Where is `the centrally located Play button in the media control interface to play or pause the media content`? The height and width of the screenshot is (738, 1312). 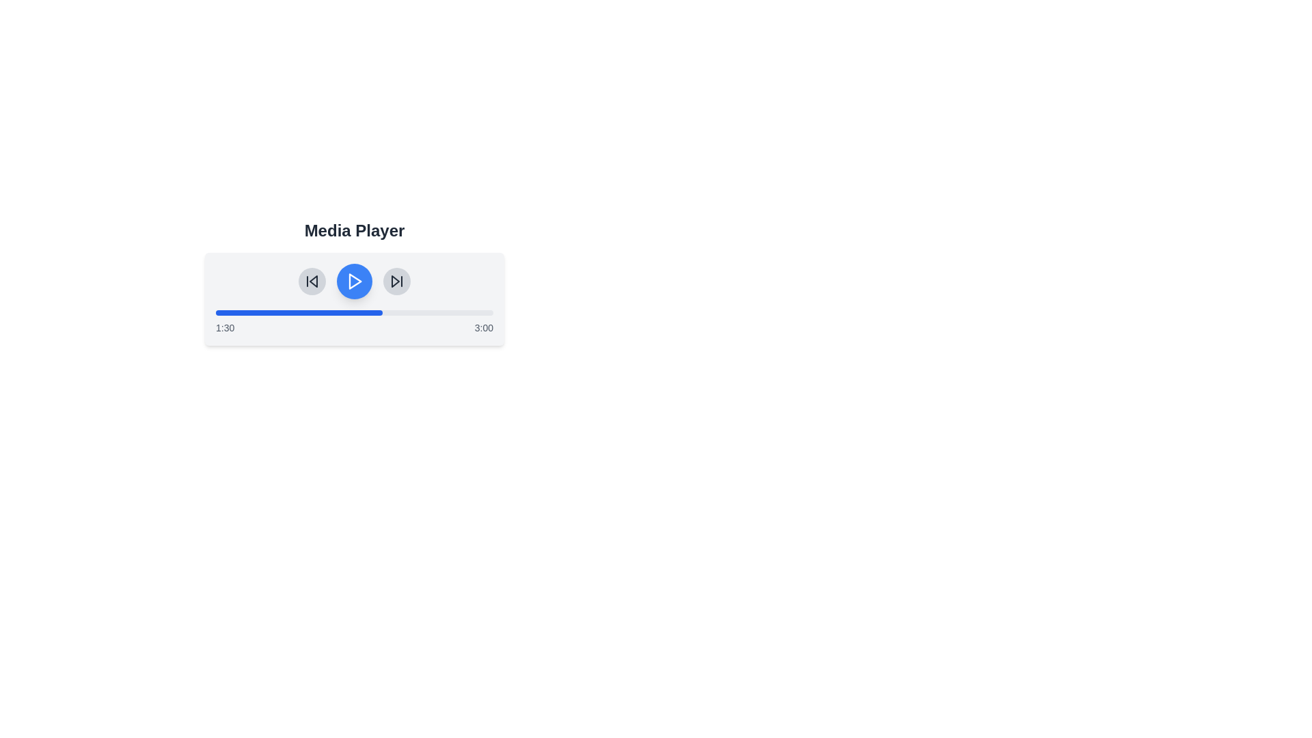 the centrally located Play button in the media control interface to play or pause the media content is located at coordinates (355, 281).